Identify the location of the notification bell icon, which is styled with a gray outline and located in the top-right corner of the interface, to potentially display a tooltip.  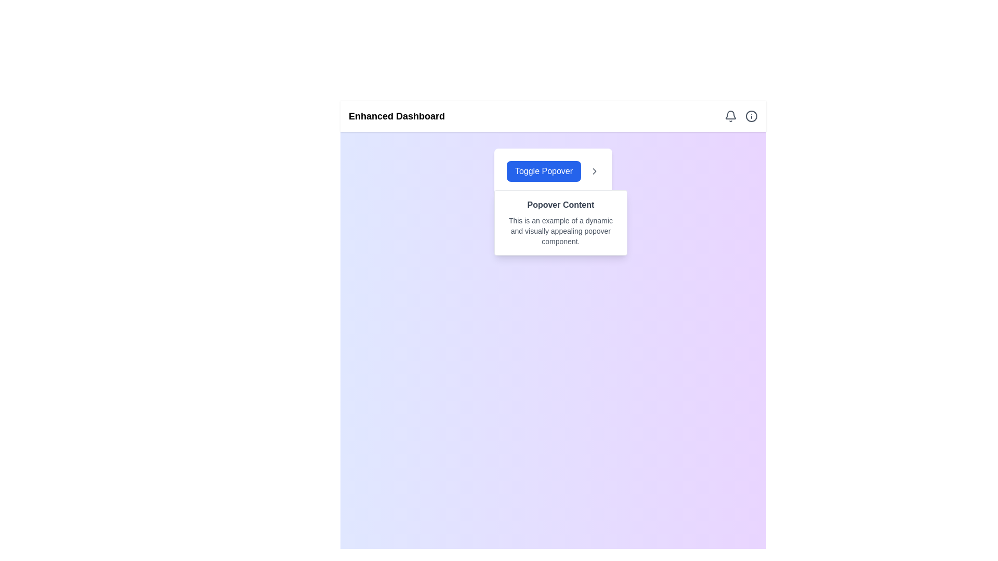
(730, 116).